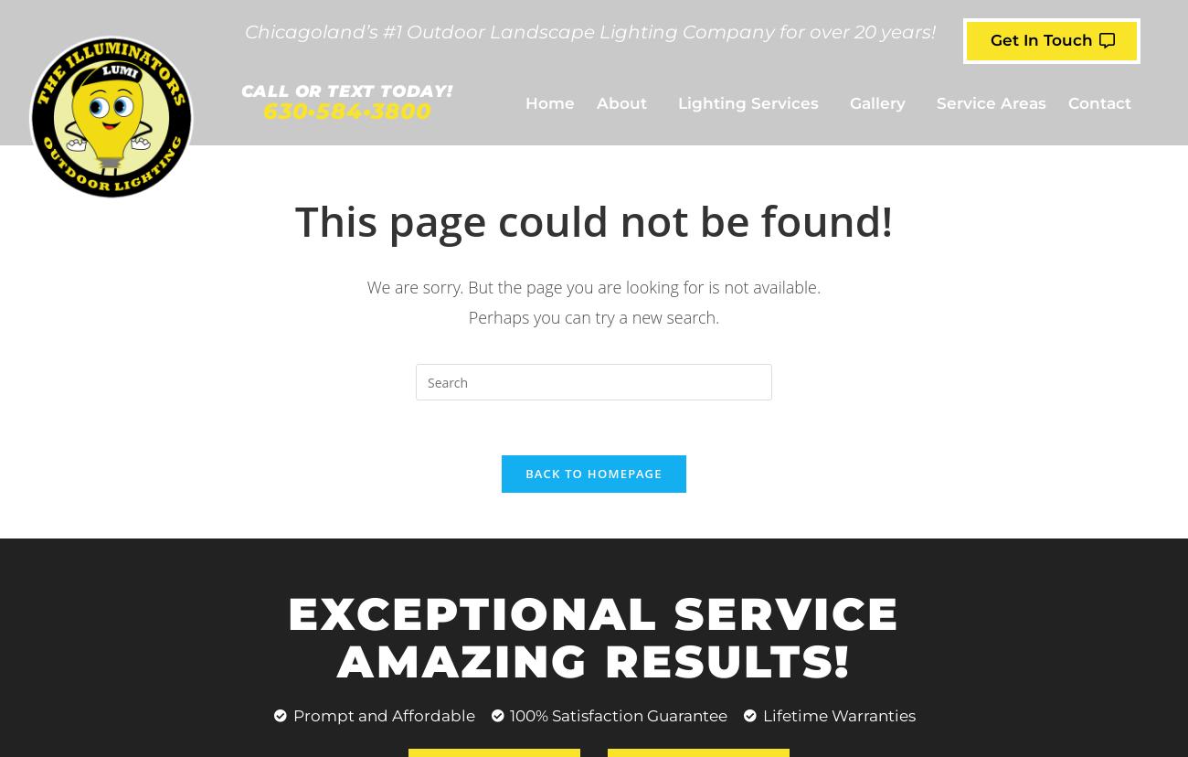 This screenshot has width=1188, height=757. Describe the element at coordinates (524, 101) in the screenshot. I see `'Home'` at that location.